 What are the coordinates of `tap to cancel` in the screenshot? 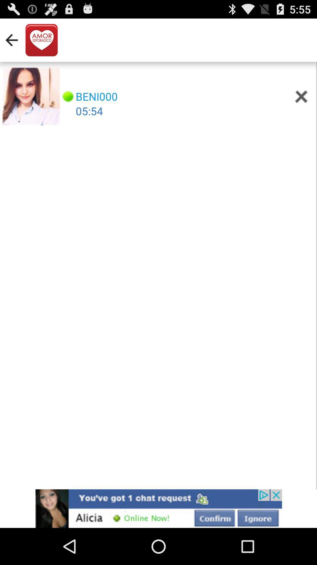 It's located at (301, 97).